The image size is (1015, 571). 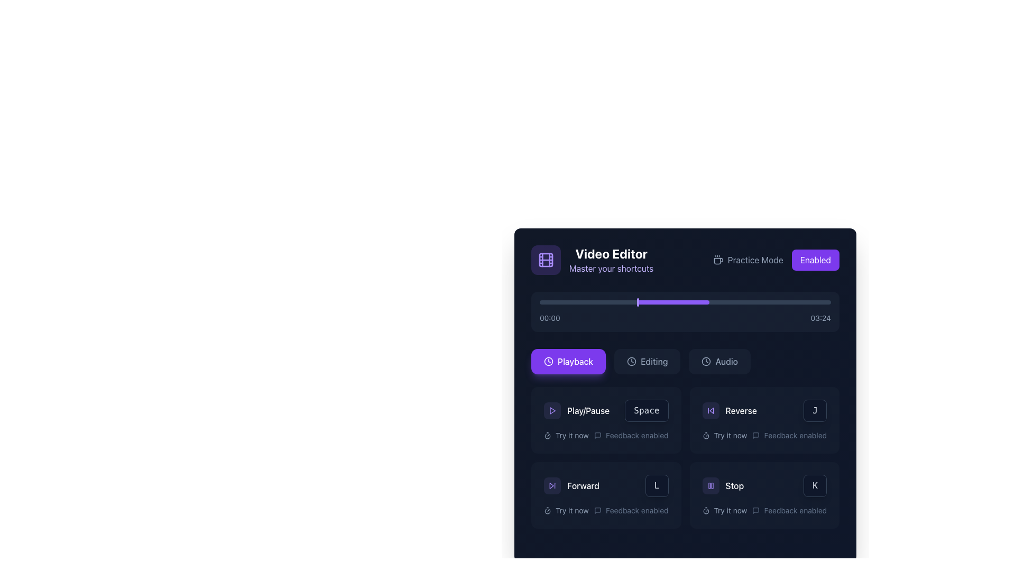 What do you see at coordinates (548, 361) in the screenshot?
I see `the decorative SVG circle representing time or a clock, located in the right-hand section of the interface next to the 'Enabled' switch in the top bar` at bounding box center [548, 361].